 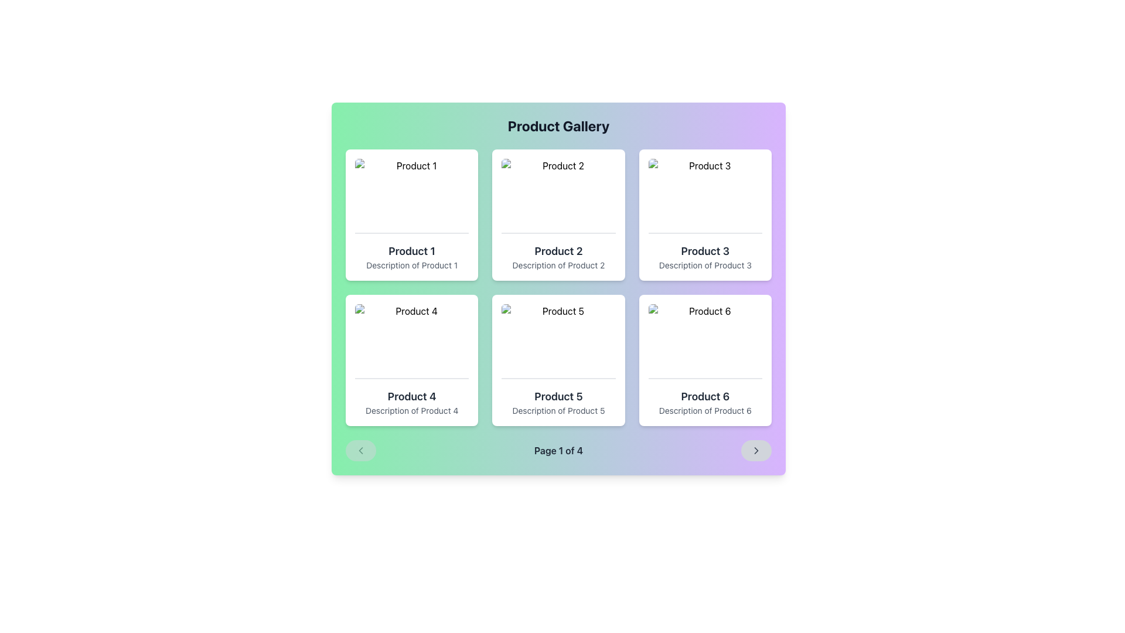 I want to click on text content of the pagination Text label located at the center of the footer navigation area, which indicates the current page number and total number of pages, so click(x=558, y=450).